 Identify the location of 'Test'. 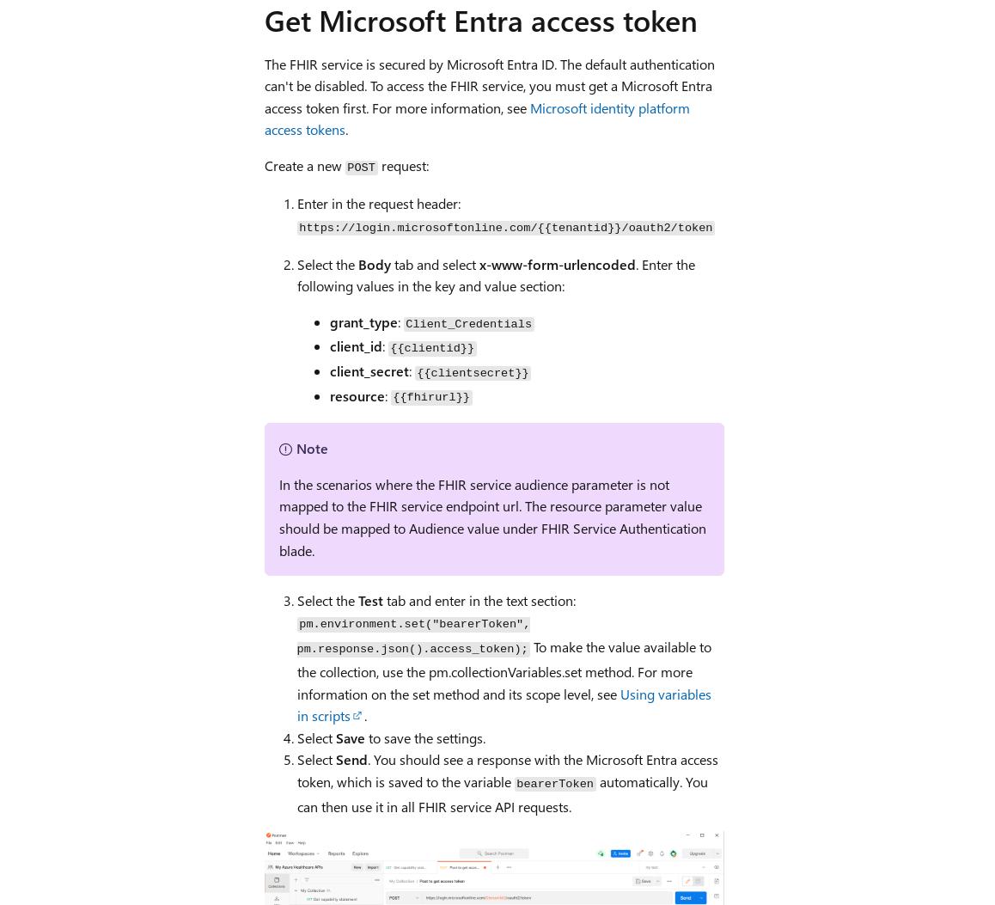
(369, 600).